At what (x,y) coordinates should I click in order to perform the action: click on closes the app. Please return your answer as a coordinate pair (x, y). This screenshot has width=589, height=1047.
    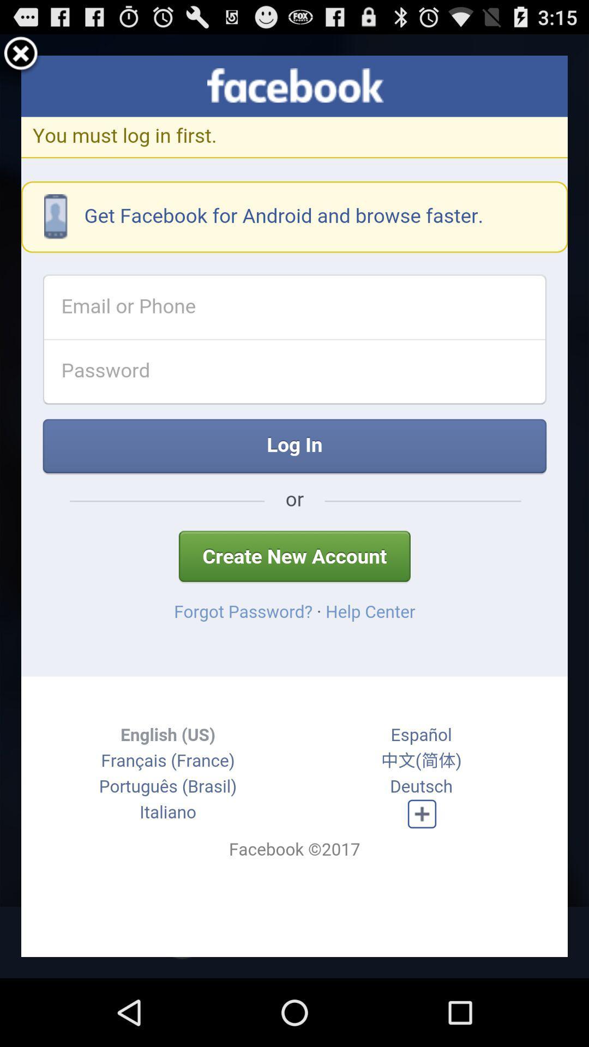
    Looking at the image, I should click on (21, 55).